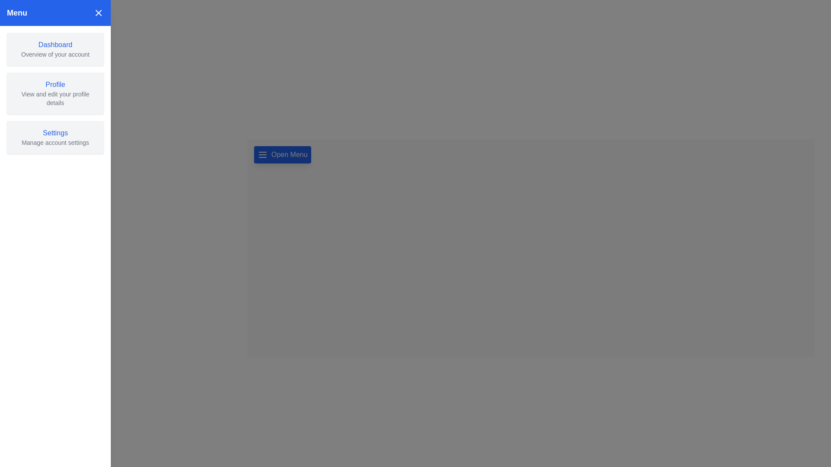  Describe the element at coordinates (55, 45) in the screenshot. I see `the 'Dashboard' text label, which serves as the primary title for the Dashboard section, located in the vertical menu on the left side of the interface` at that location.